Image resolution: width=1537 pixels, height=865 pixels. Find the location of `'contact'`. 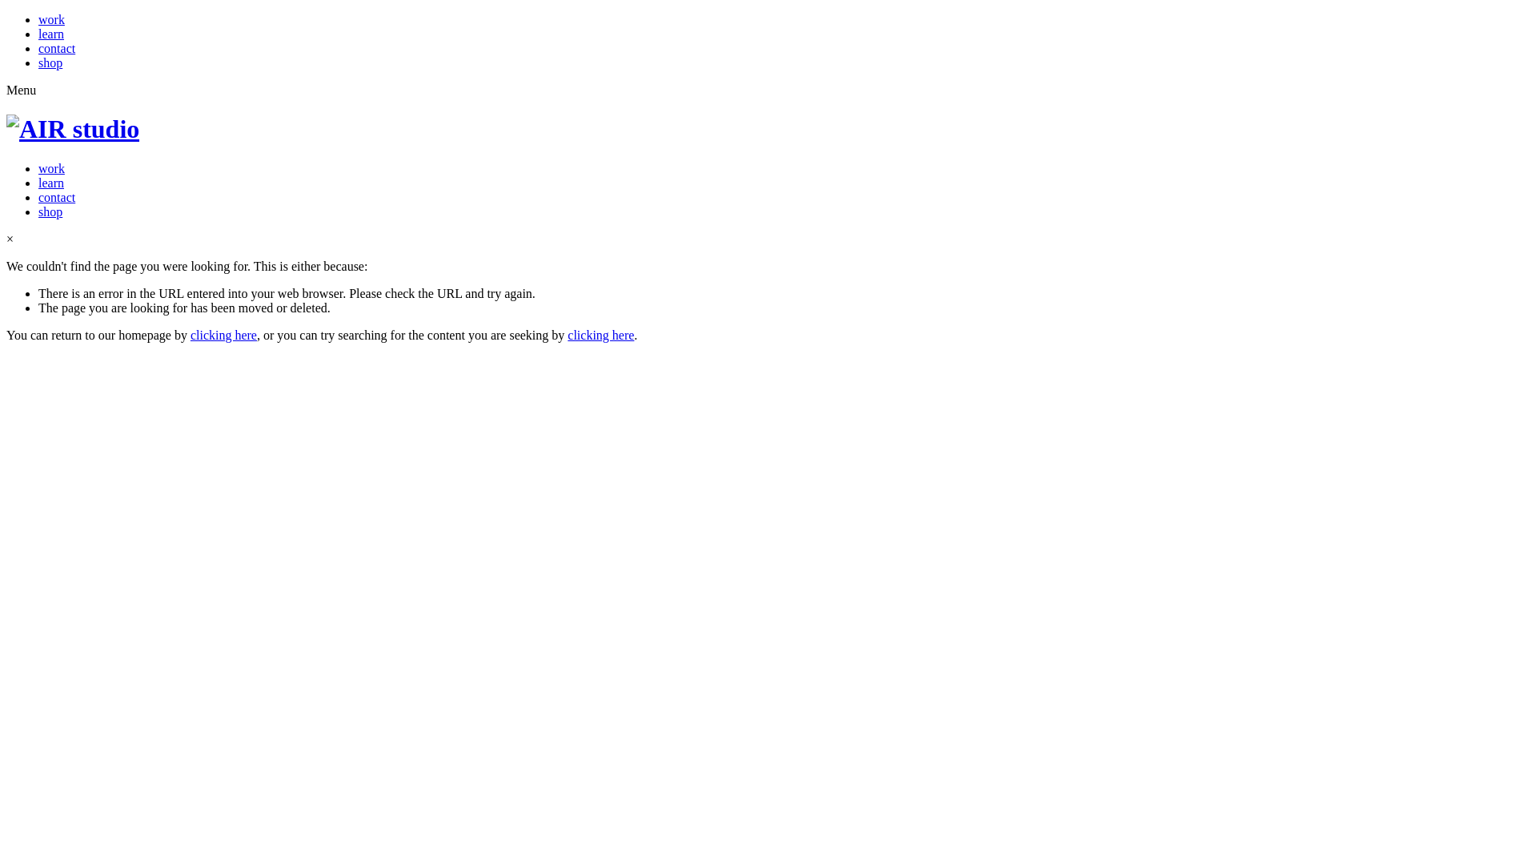

'contact' is located at coordinates (57, 196).